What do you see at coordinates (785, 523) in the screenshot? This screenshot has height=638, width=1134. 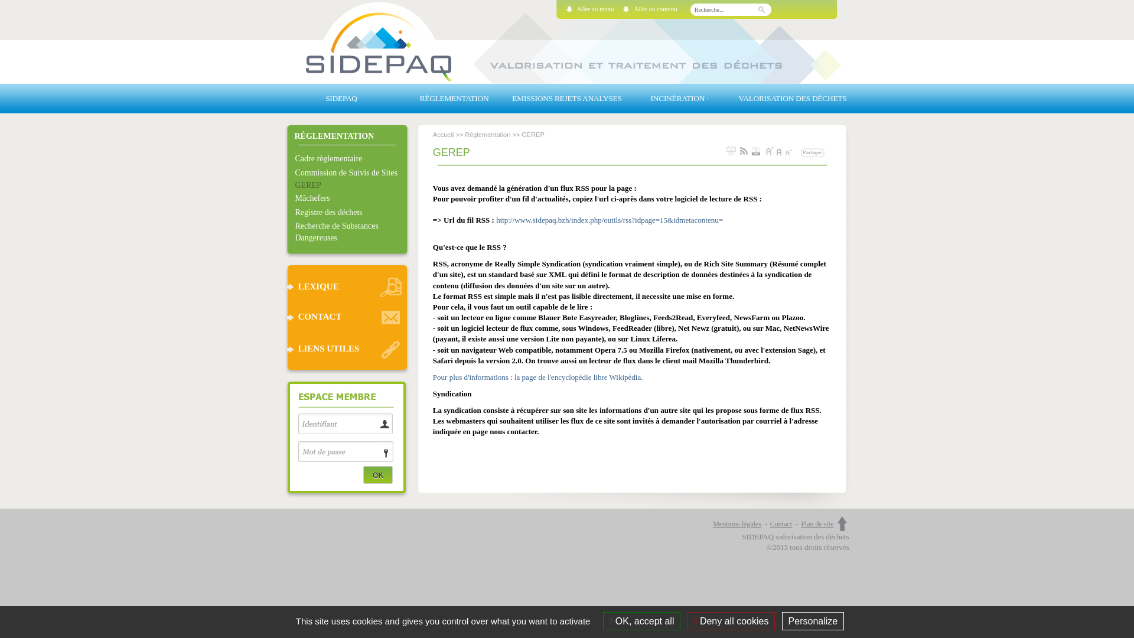 I see `'Contact'` at bounding box center [785, 523].